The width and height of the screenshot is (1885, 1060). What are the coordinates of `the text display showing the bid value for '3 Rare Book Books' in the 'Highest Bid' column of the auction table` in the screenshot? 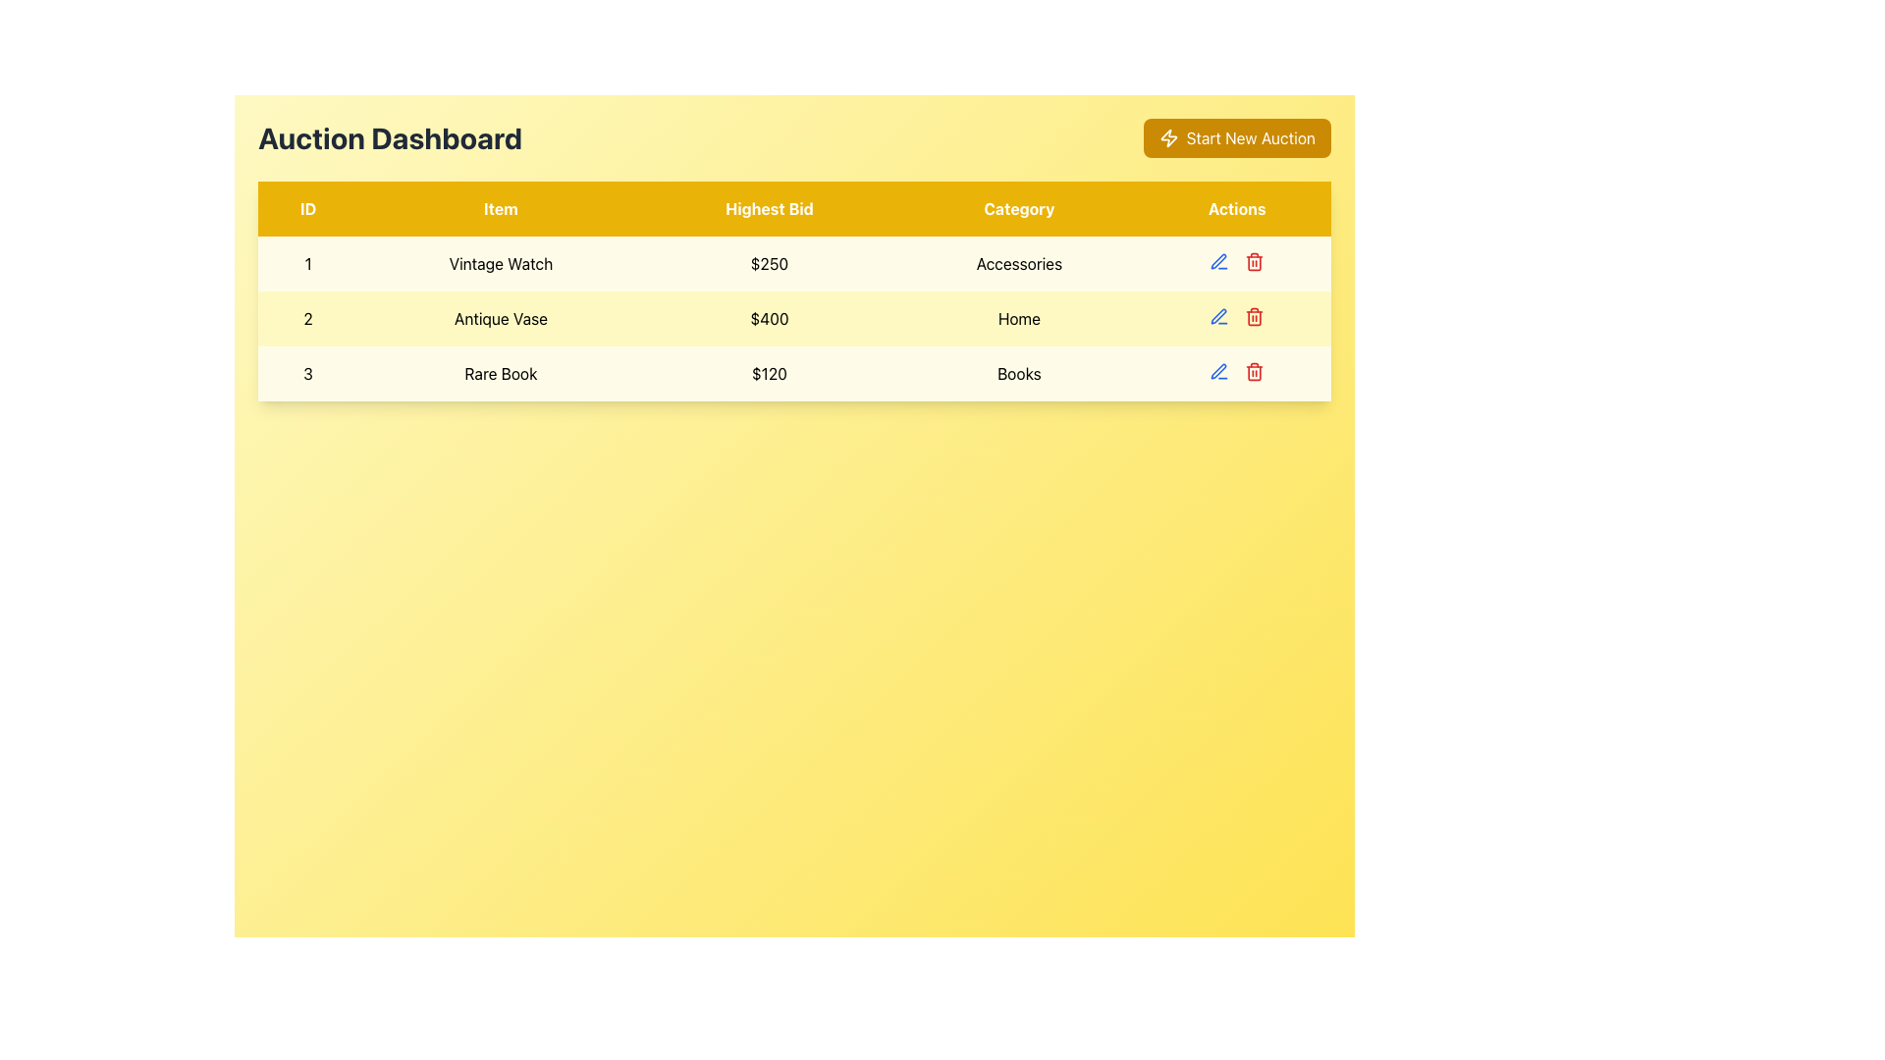 It's located at (768, 374).